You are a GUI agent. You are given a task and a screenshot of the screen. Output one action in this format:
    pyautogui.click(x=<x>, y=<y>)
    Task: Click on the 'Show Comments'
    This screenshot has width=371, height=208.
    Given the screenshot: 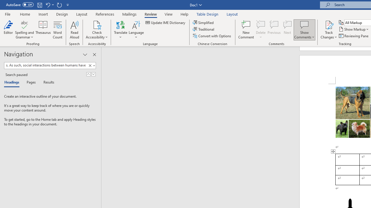 What is the action you would take?
    pyautogui.click(x=304, y=24)
    